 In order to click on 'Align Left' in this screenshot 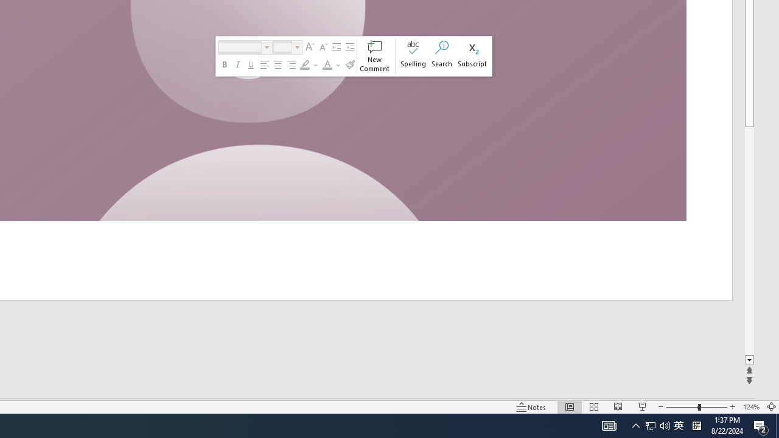, I will do `click(264, 64)`.